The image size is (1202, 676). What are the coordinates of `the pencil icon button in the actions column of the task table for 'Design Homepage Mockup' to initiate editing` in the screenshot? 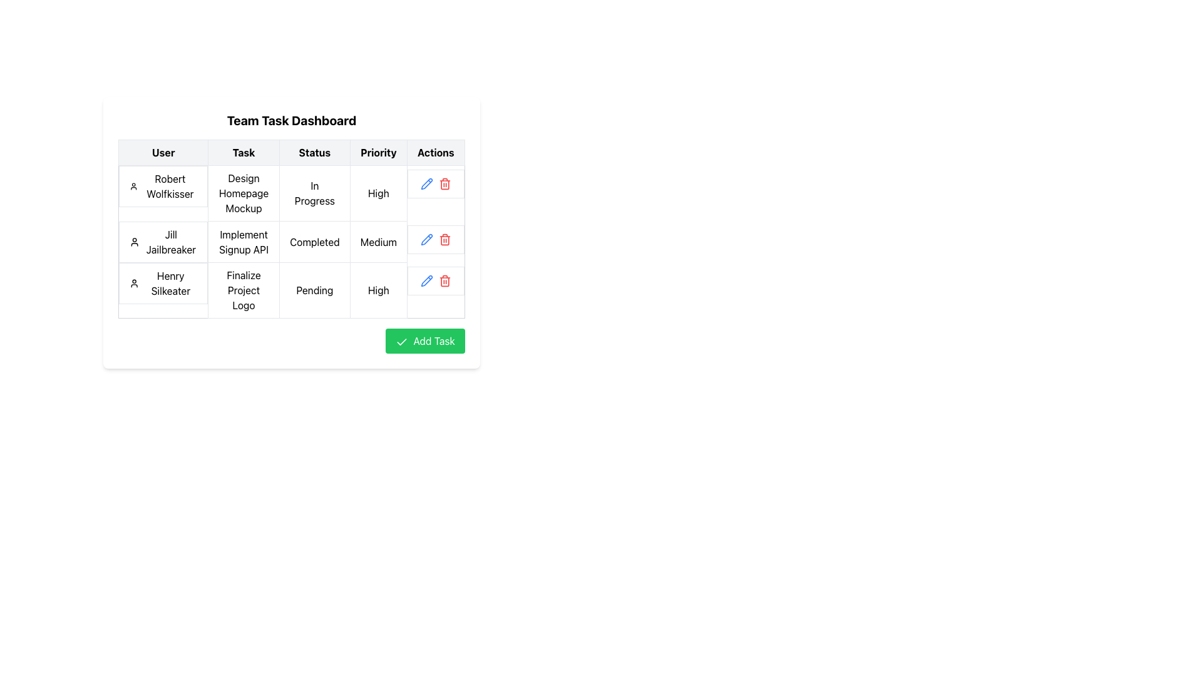 It's located at (427, 280).